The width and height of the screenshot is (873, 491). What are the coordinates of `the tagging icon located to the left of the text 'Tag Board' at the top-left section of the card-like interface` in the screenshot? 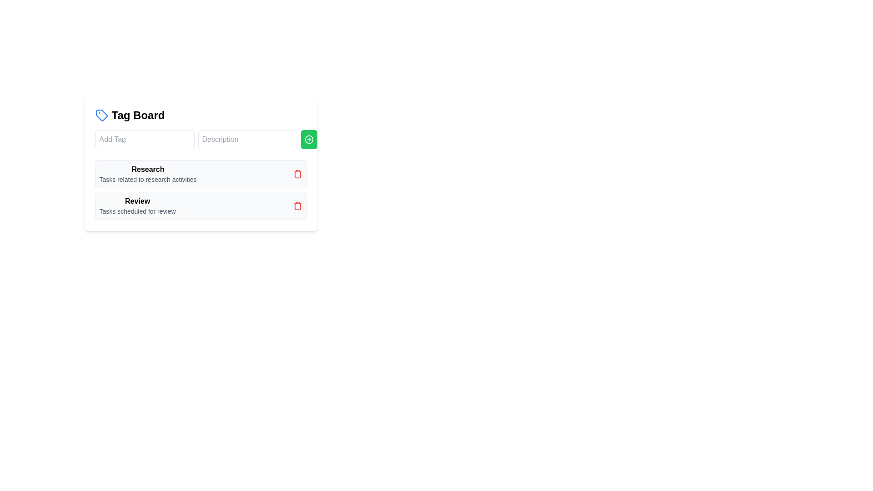 It's located at (101, 115).